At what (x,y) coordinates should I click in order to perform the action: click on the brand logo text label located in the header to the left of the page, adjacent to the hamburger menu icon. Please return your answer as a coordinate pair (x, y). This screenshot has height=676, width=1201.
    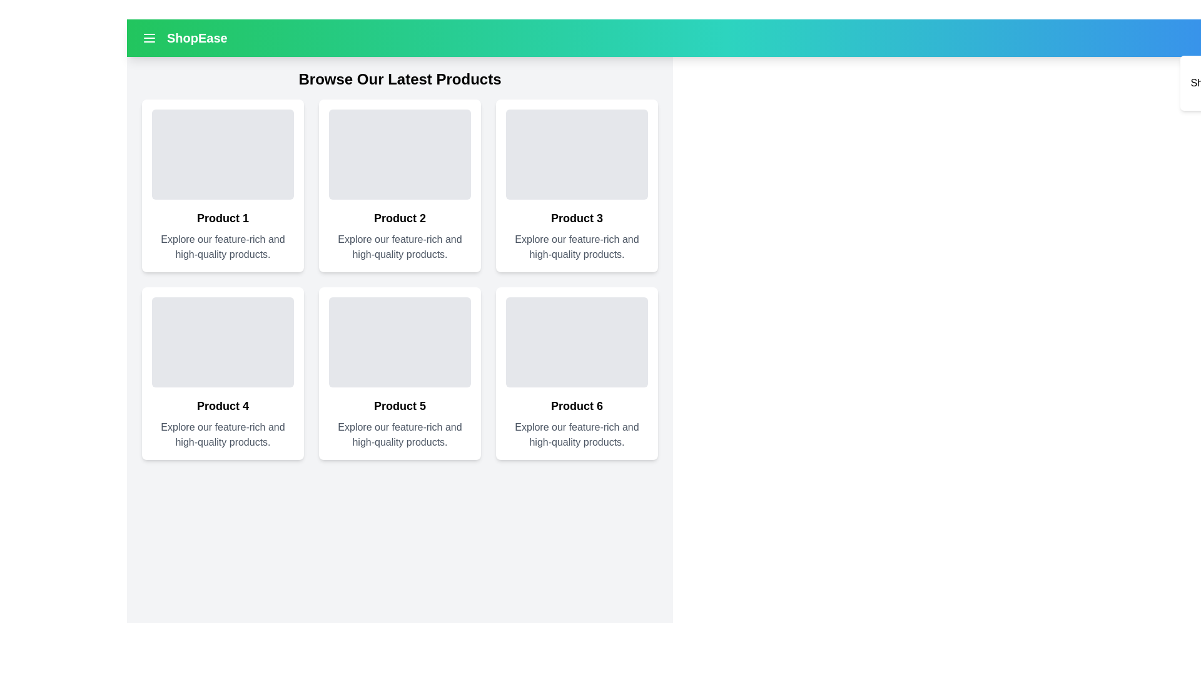
    Looking at the image, I should click on (184, 38).